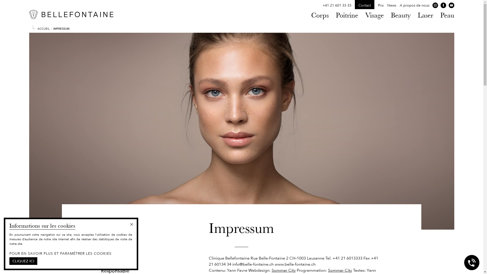 This screenshot has height=274, width=487. What do you see at coordinates (414, 5) in the screenshot?
I see `'A propos de nous'` at bounding box center [414, 5].